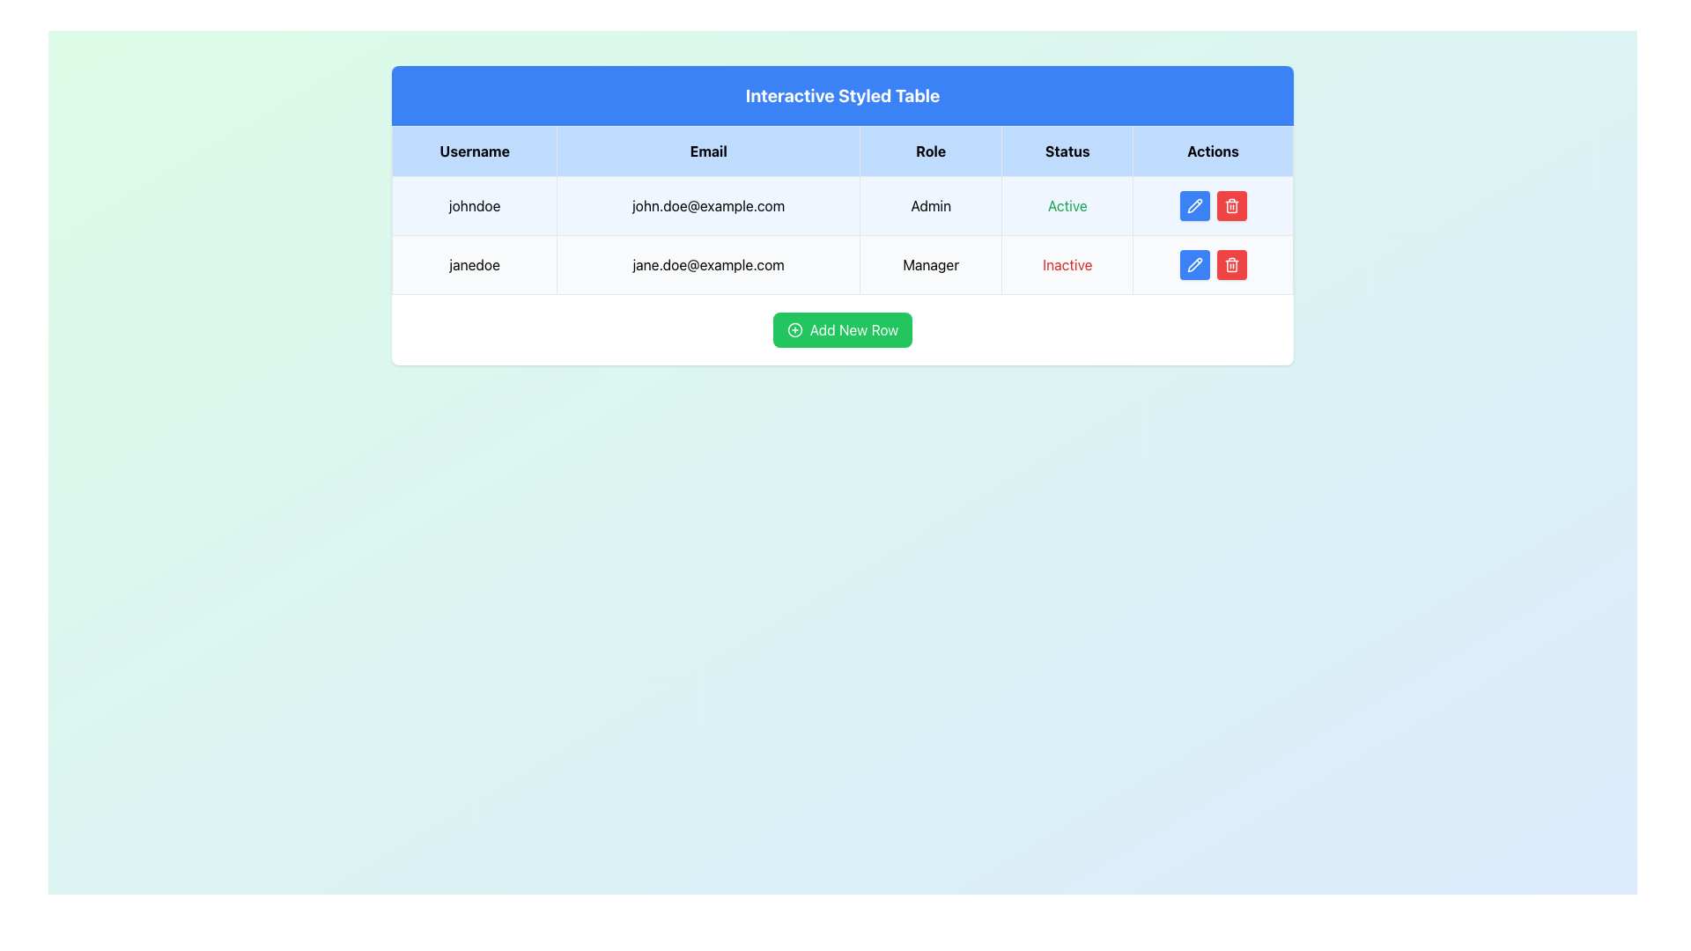 The height and width of the screenshot is (951, 1691). What do you see at coordinates (1194, 264) in the screenshot?
I see `the edit icon located in the 'Actions' column of the second row for user 'janedoe' to initiate the edit action` at bounding box center [1194, 264].